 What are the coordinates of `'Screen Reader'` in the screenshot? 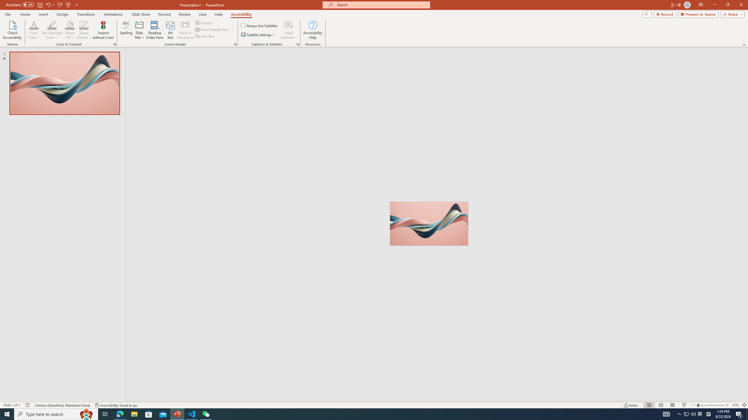 It's located at (236, 44).